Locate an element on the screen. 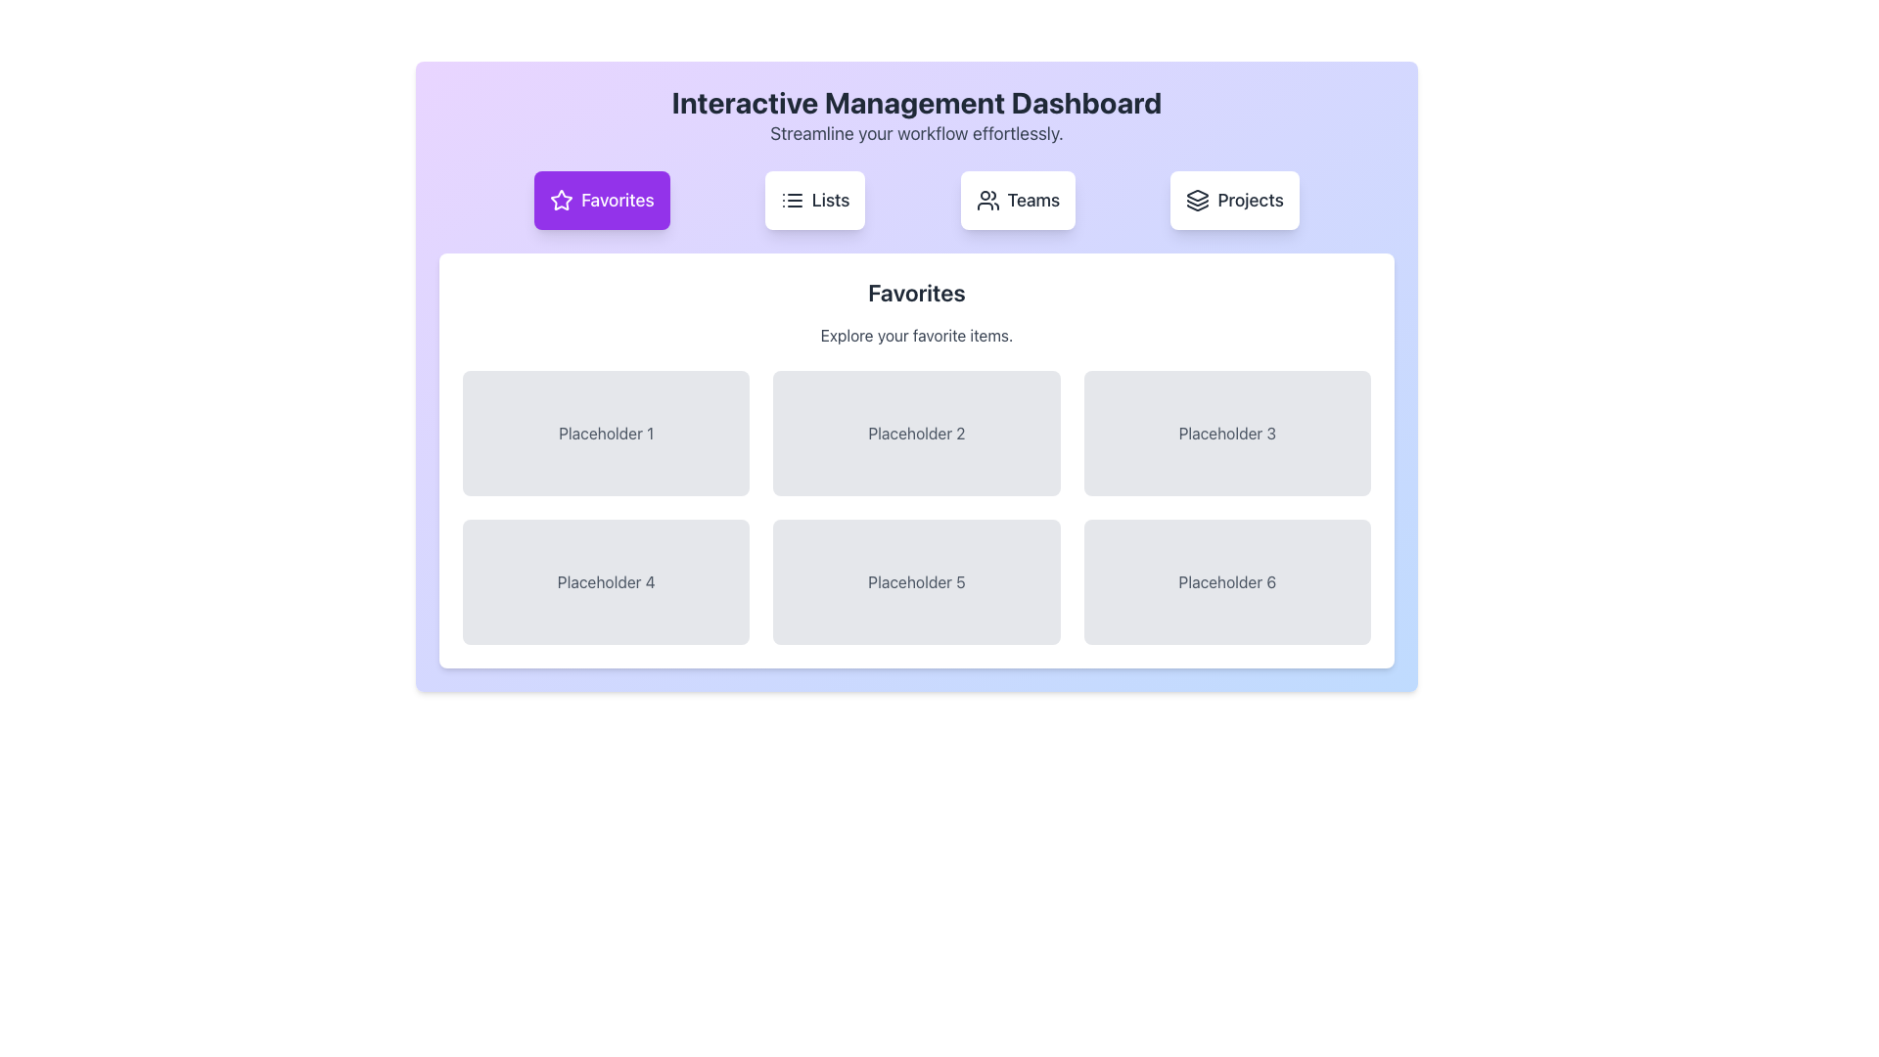 This screenshot has width=1879, height=1057. the star-shaped icon located on the left side of the 'Favorites' button, which has a hollow center and a distinct border is located at coordinates (561, 200).